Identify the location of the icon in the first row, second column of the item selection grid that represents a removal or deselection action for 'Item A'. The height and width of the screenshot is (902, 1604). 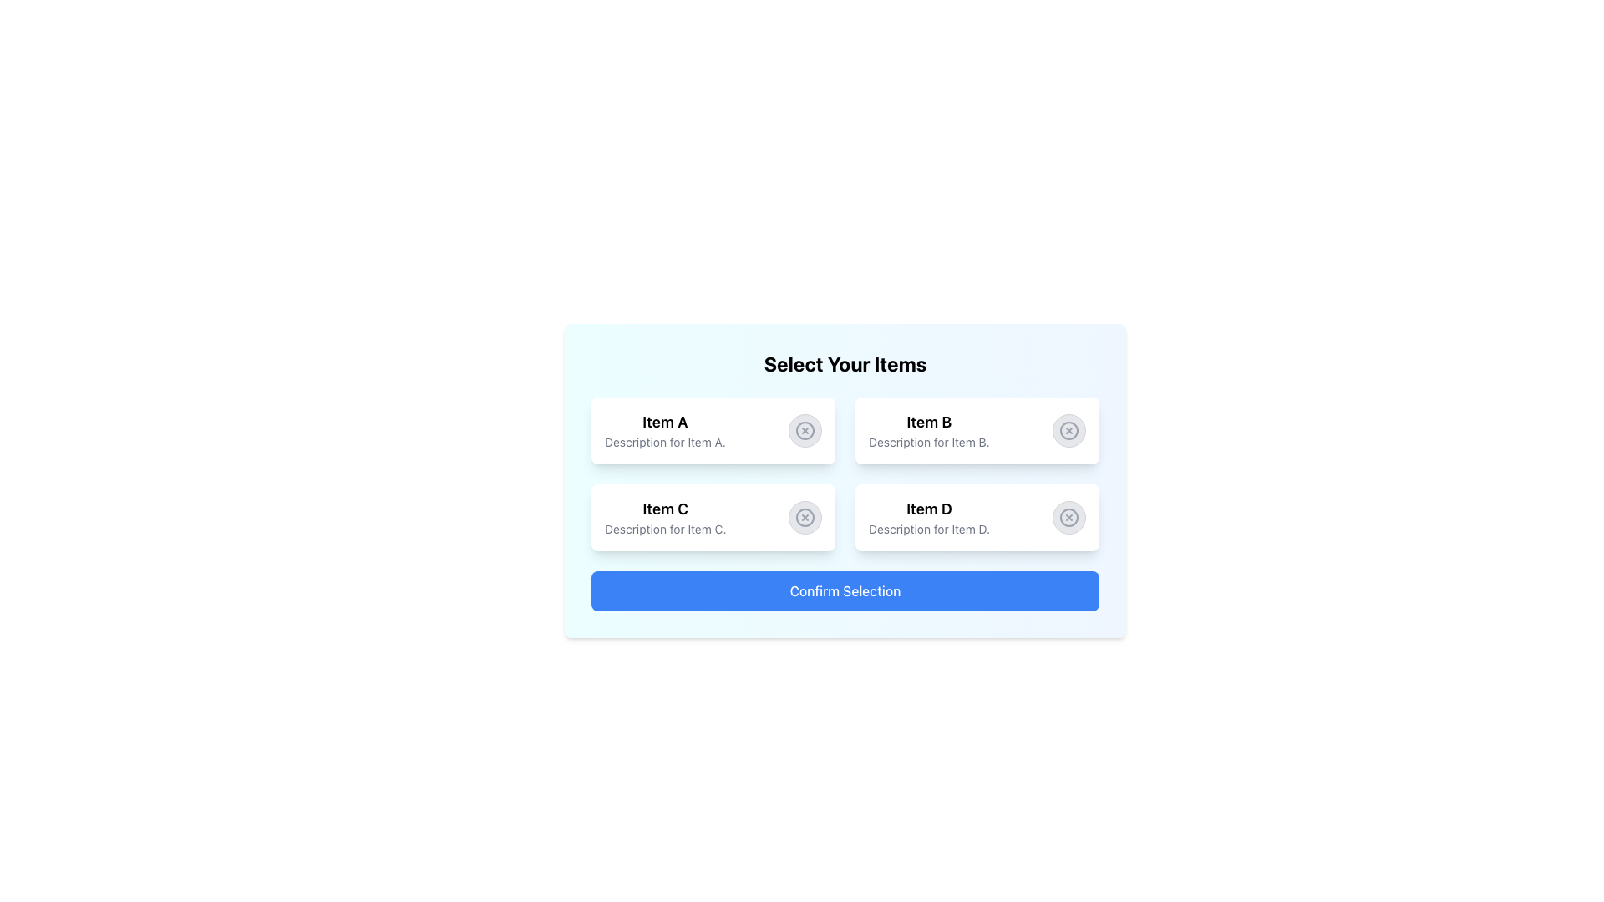
(805, 430).